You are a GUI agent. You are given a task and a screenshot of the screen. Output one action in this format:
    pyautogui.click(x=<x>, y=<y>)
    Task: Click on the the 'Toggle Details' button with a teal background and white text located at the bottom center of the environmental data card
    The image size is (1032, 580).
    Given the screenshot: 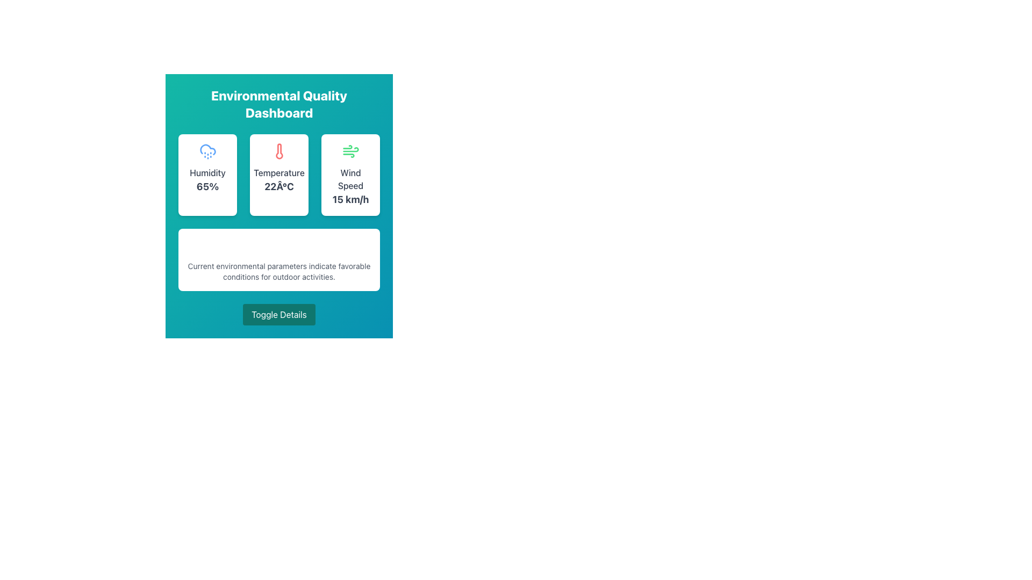 What is the action you would take?
    pyautogui.click(x=279, y=314)
    